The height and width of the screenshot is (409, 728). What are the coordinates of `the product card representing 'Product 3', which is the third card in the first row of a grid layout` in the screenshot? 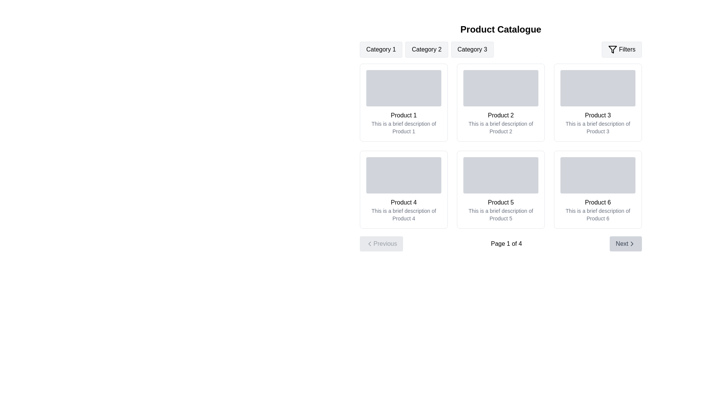 It's located at (598, 102).